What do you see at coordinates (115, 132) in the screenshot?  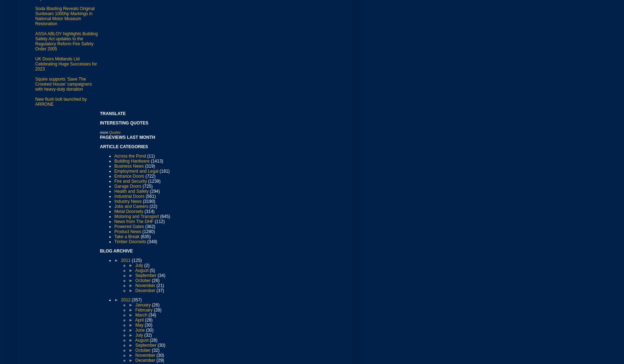 I see `'Quotes'` at bounding box center [115, 132].